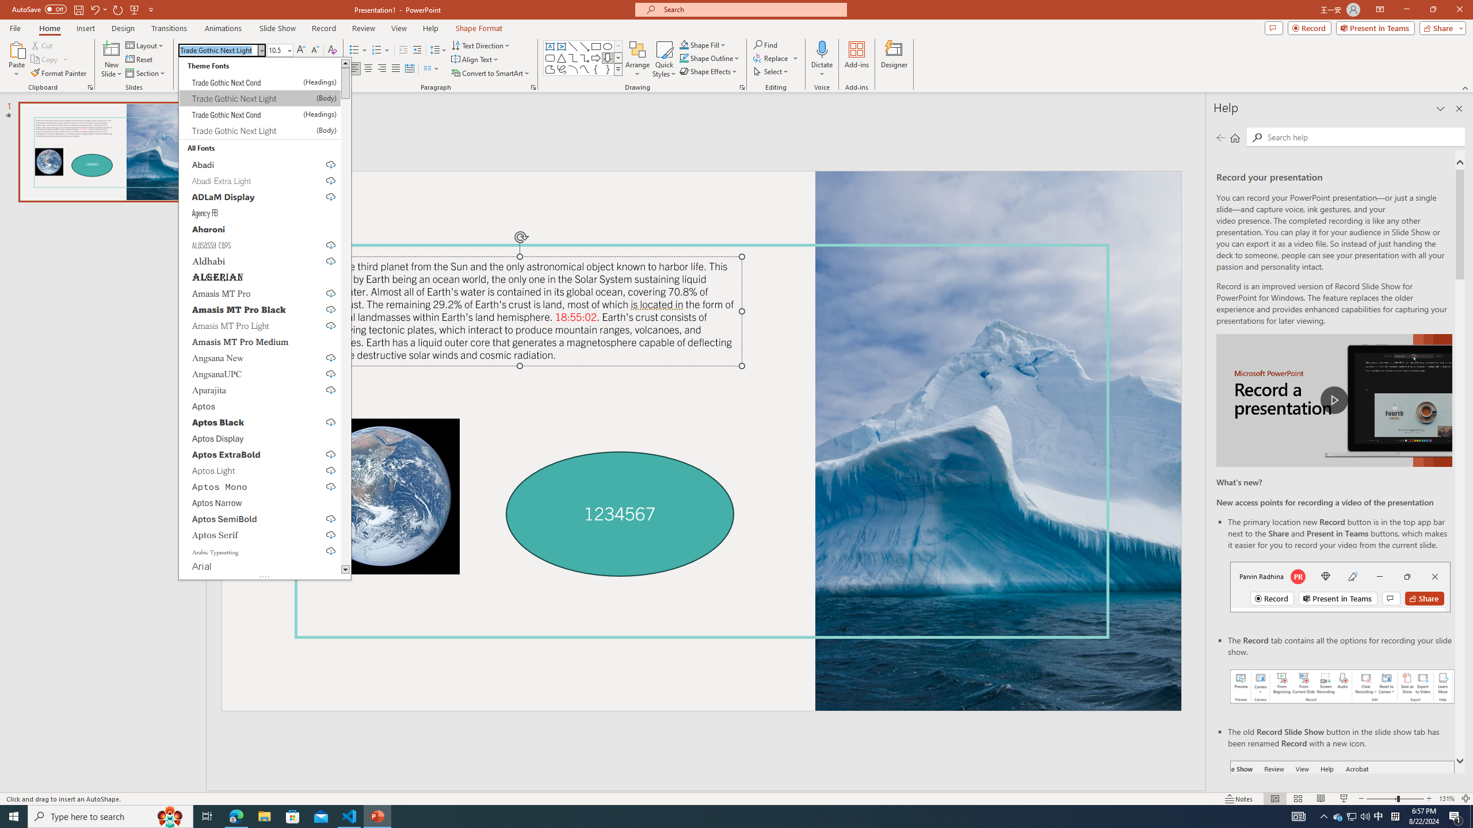  What do you see at coordinates (139, 59) in the screenshot?
I see `'Reset'` at bounding box center [139, 59].